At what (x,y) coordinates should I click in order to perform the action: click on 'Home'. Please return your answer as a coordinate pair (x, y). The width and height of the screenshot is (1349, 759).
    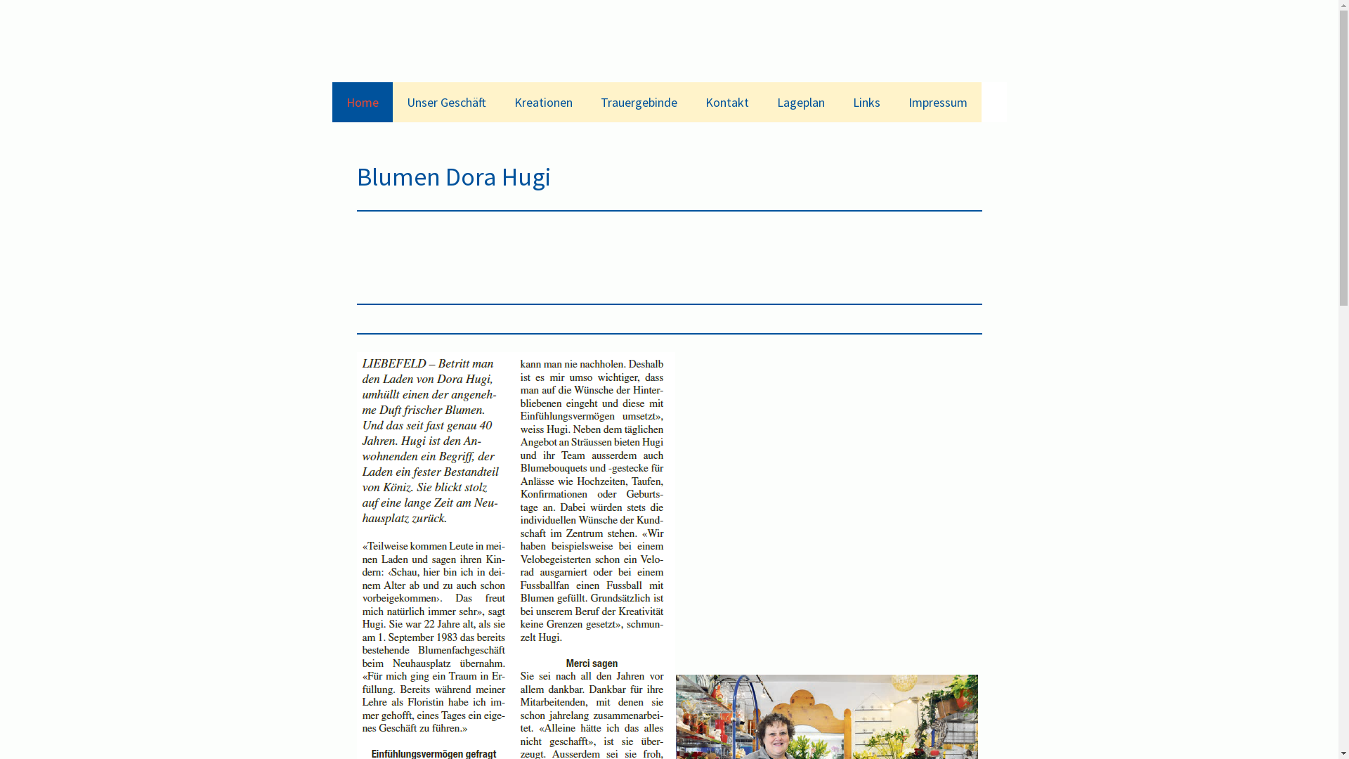
    Looking at the image, I should click on (361, 101).